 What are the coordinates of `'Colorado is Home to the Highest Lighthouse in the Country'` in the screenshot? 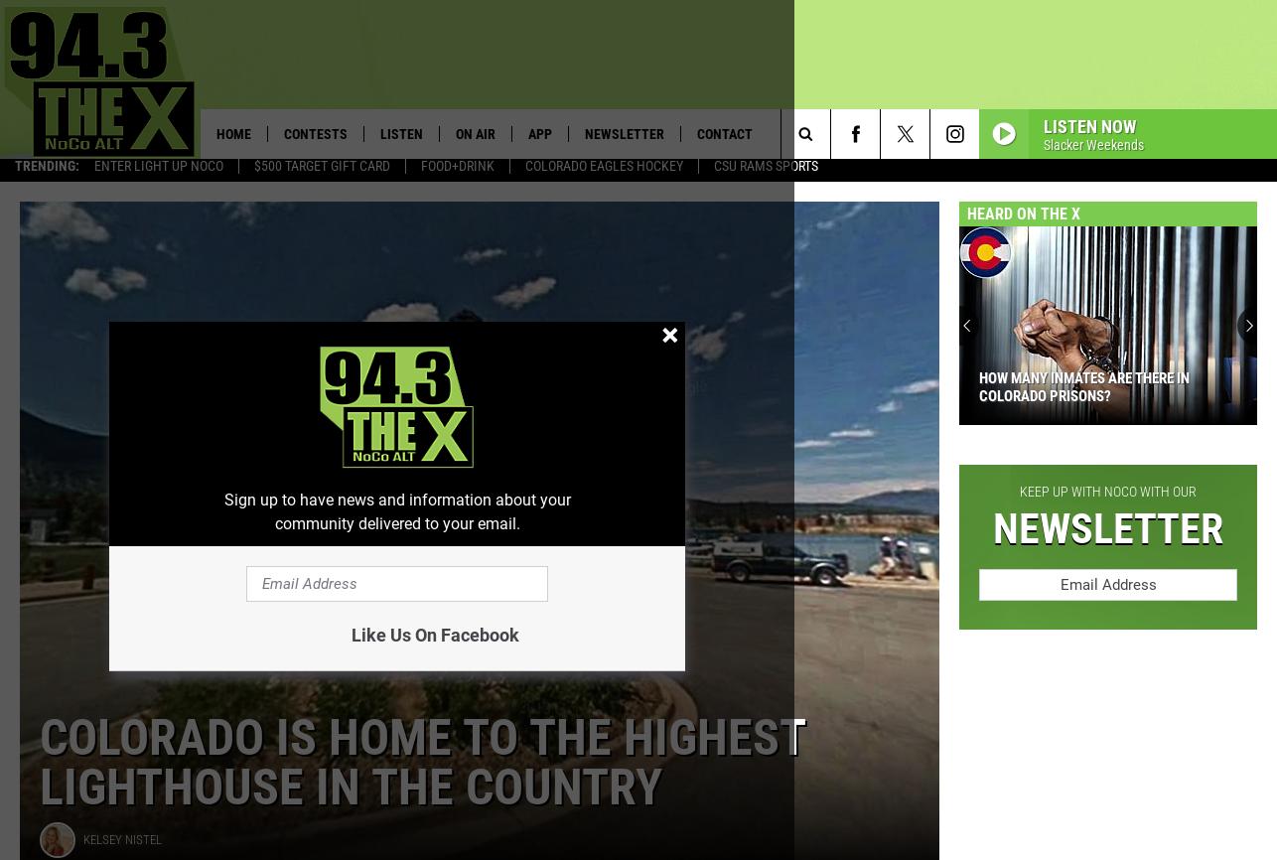 It's located at (421, 770).